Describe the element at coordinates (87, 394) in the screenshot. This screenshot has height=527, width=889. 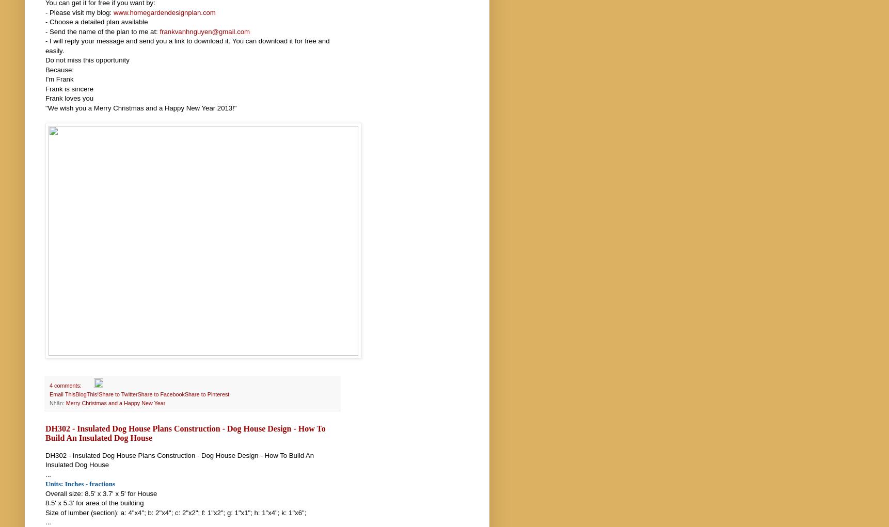
I see `'BlogThis!'` at that location.